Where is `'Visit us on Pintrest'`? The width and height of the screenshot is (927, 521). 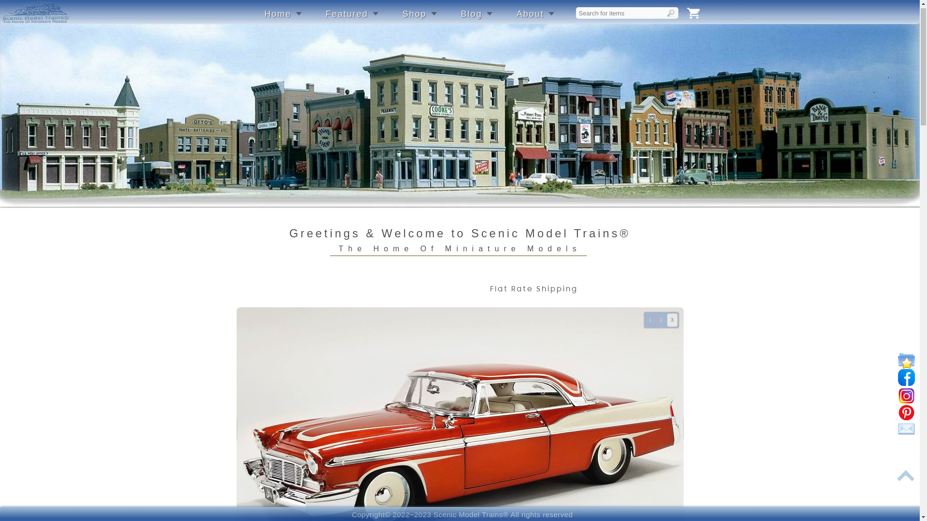
'Visit us on Pintrest' is located at coordinates (906, 417).